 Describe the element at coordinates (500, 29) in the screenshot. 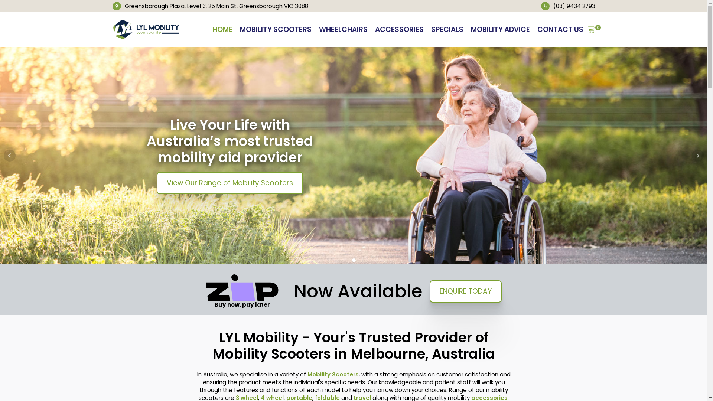

I see `'MOBILITY ADVICE'` at that location.